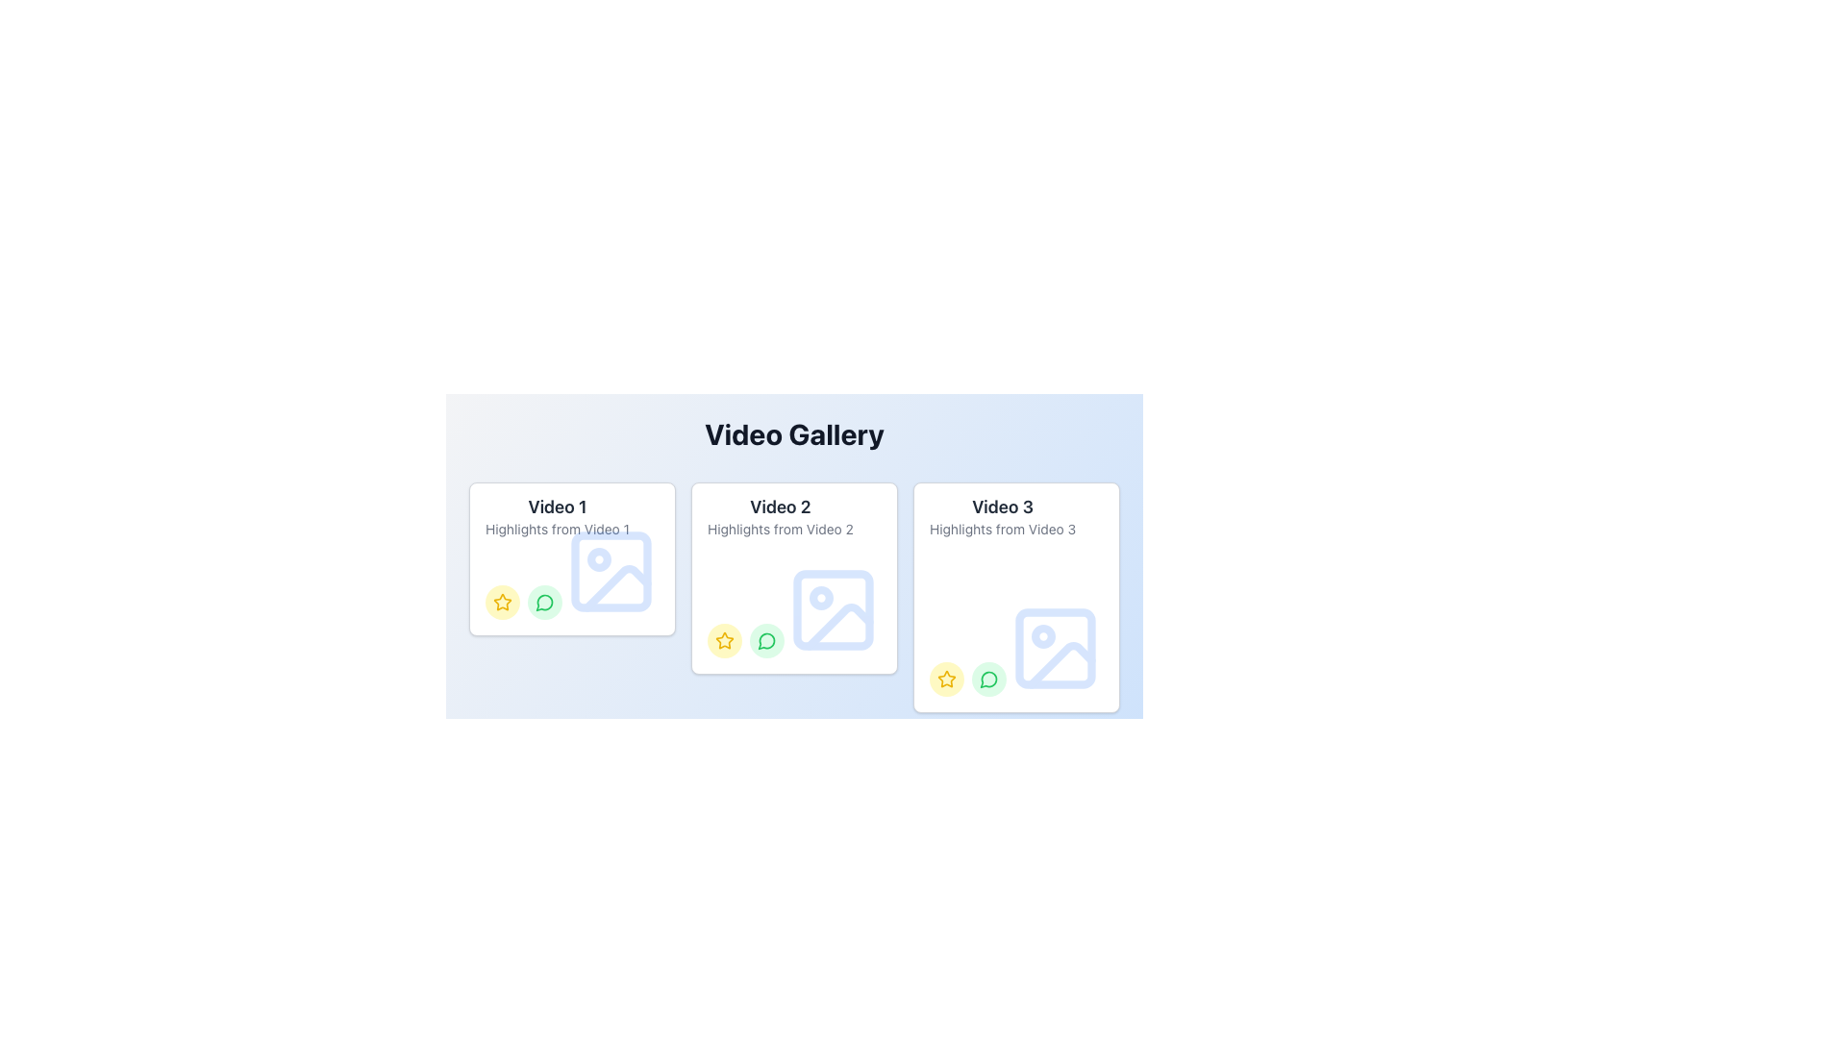 The image size is (1846, 1038). What do you see at coordinates (543, 602) in the screenshot?
I see `the interactive button located in the bottom-left corner of the card labeled 'Video 1', which is the second icon from the left in the bottom row of icons, to trigger a visual response` at bounding box center [543, 602].